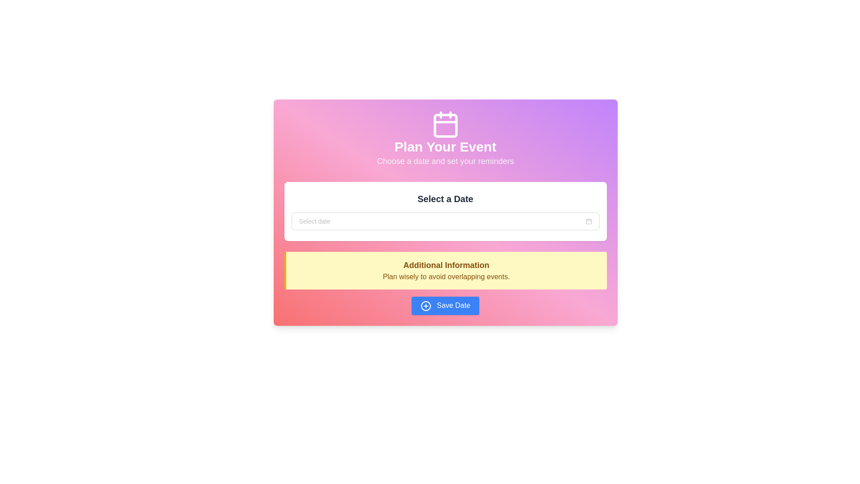 Image resolution: width=860 pixels, height=484 pixels. I want to click on the circular icon with a plus symbol located to the left of the 'Save Date' text, which is part of a blue button with rounded edges, so click(425, 305).